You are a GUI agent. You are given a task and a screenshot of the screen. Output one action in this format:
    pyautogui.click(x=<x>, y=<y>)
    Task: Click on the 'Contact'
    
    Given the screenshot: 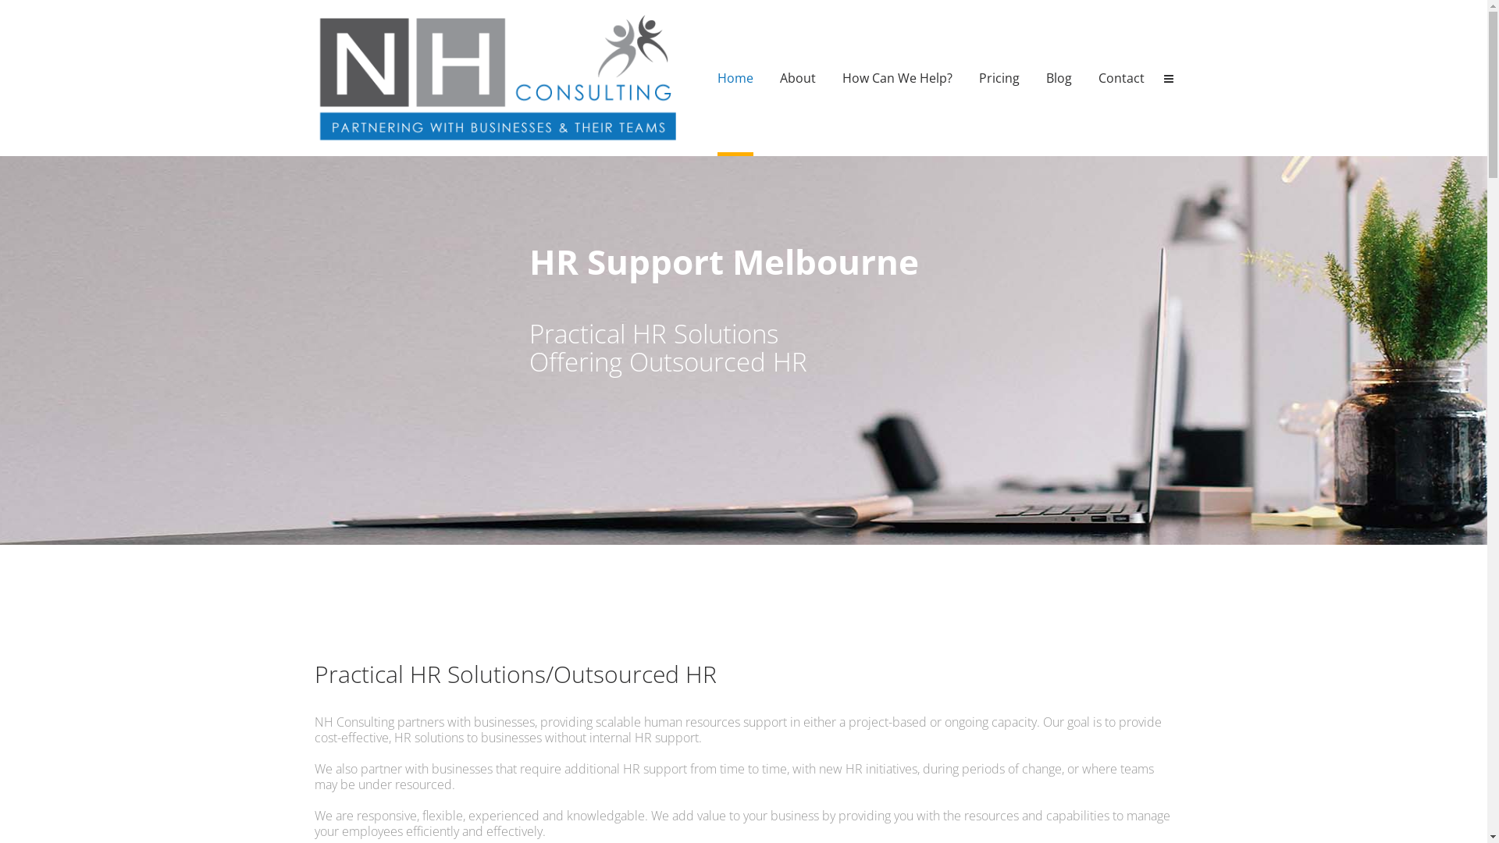 What is the action you would take?
    pyautogui.click(x=1120, y=78)
    